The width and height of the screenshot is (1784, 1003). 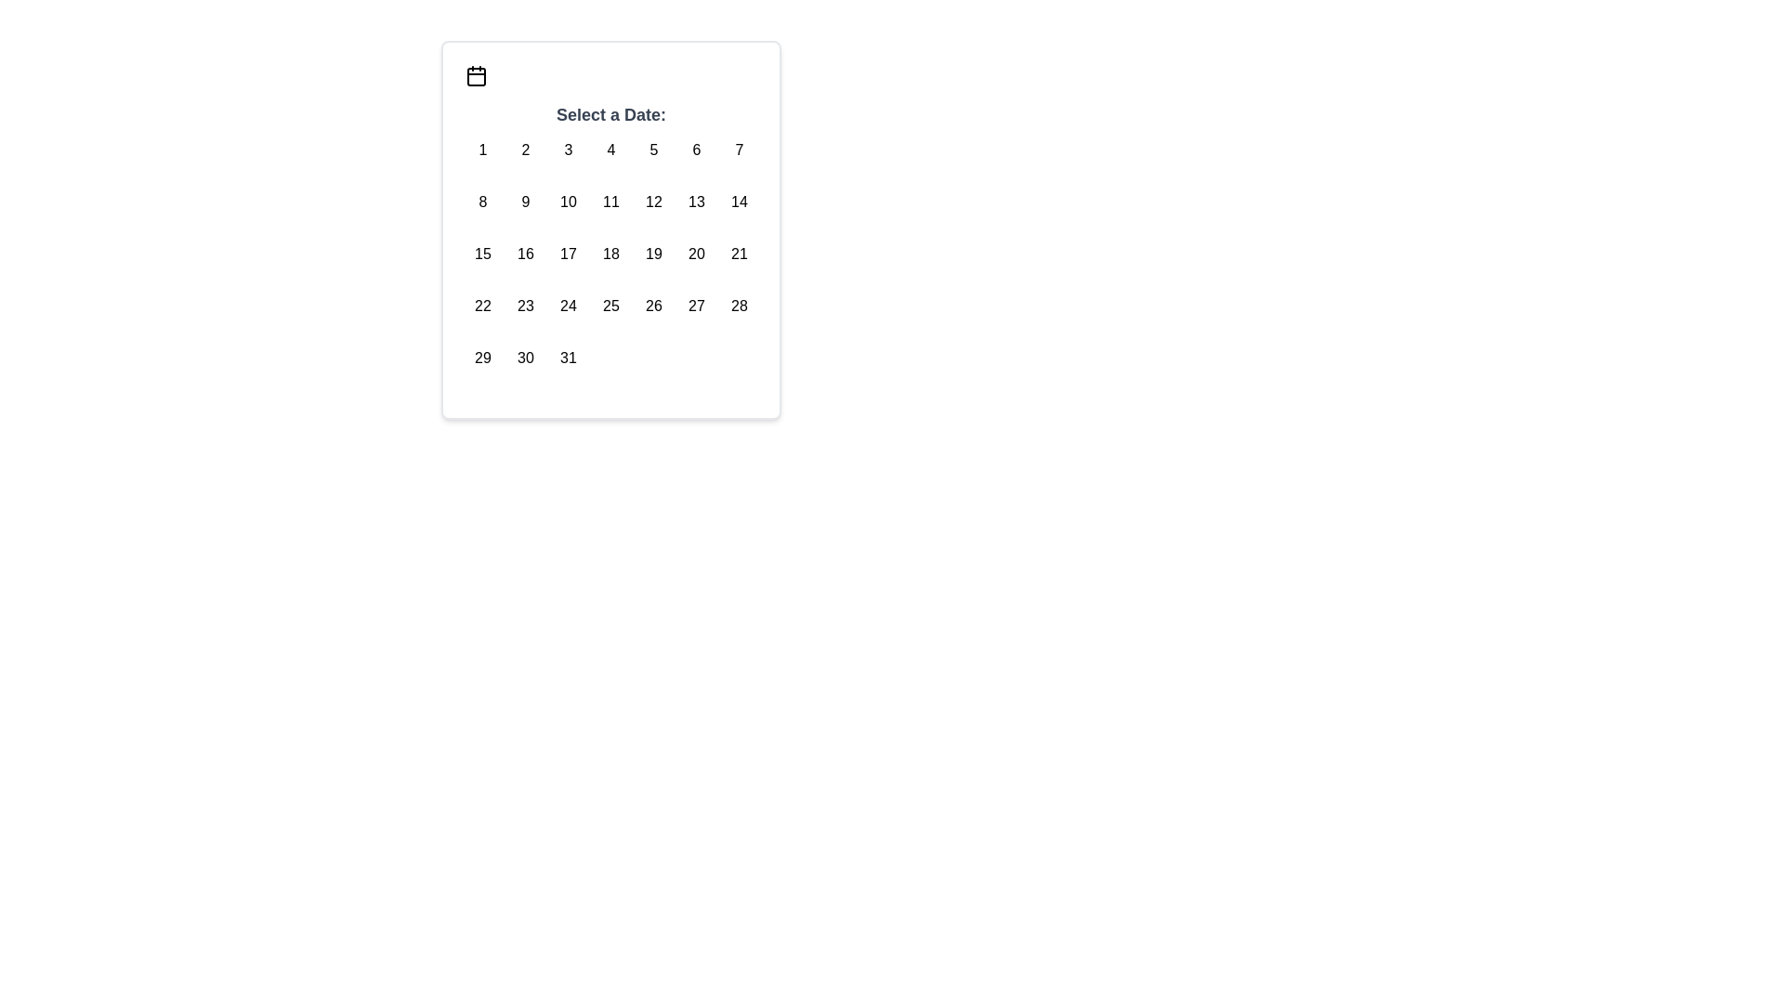 What do you see at coordinates (525, 150) in the screenshot?
I see `the button representing the number '2' in the calendar interface` at bounding box center [525, 150].